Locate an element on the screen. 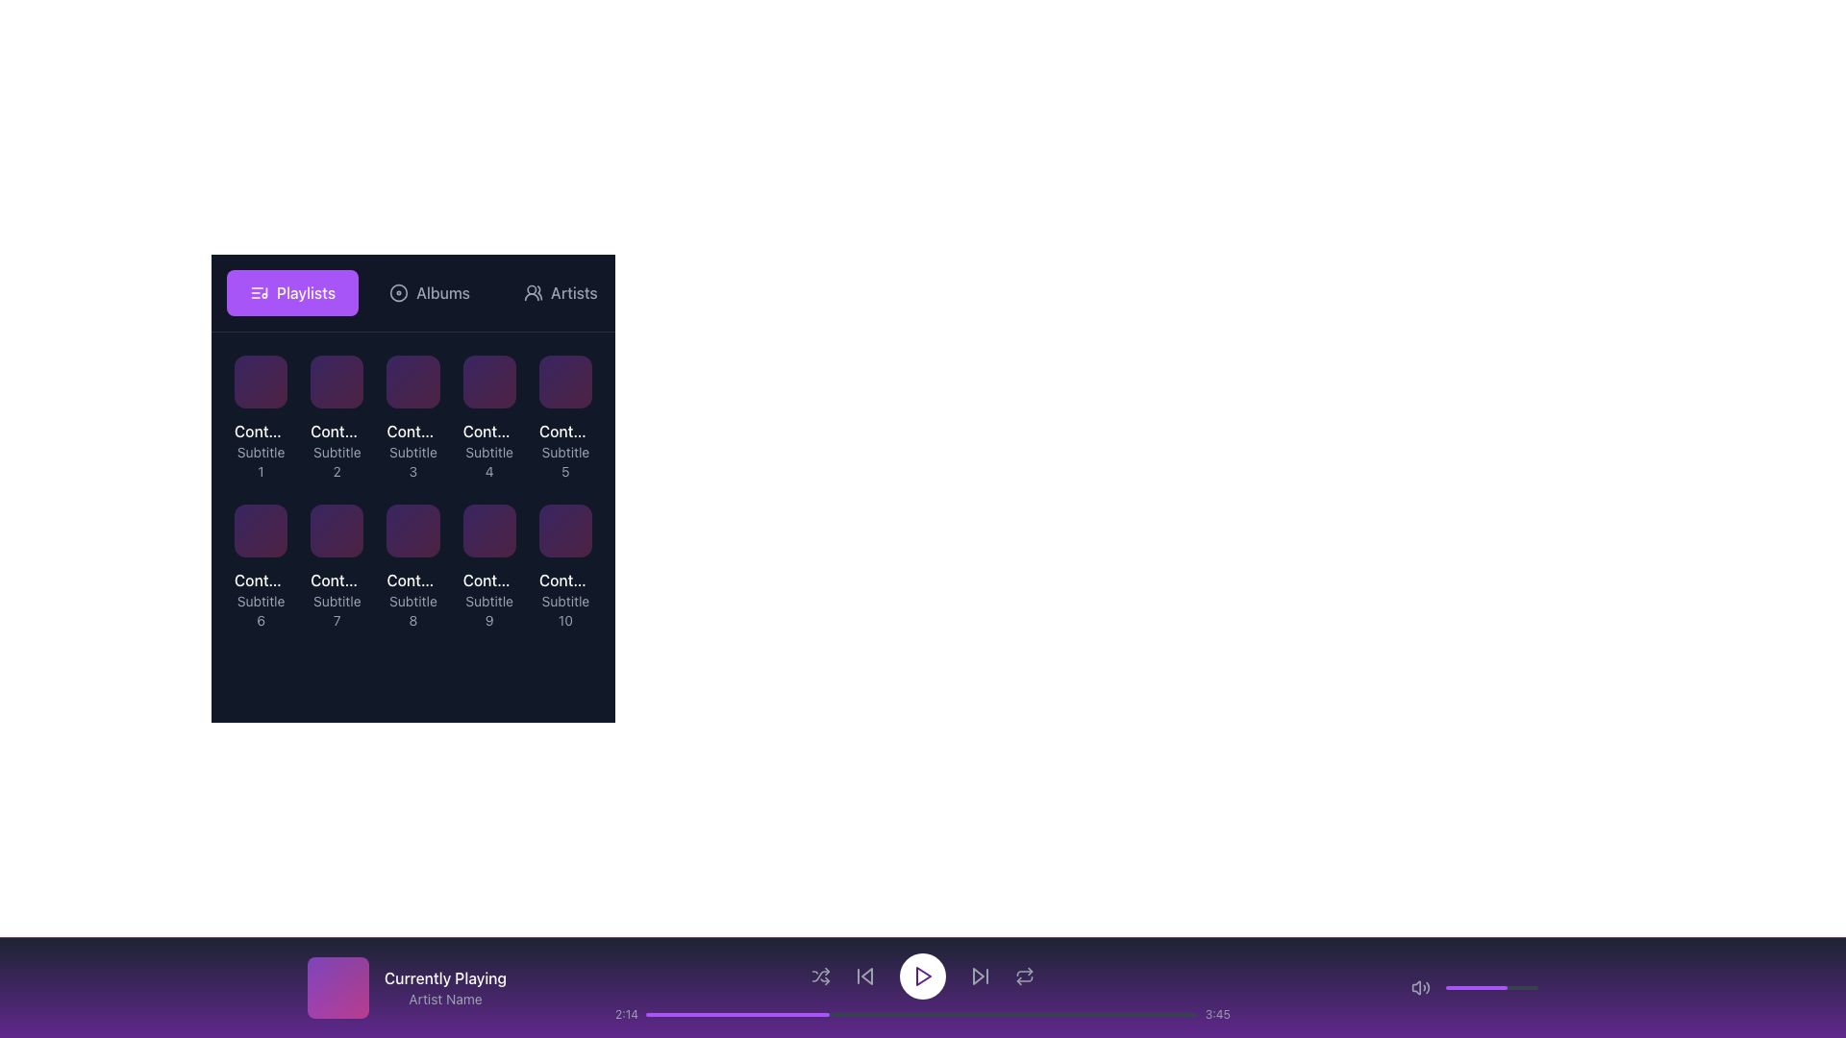  the progress bar located in the lower-right corner of the interface to adjust its value is located at coordinates (1490, 988).